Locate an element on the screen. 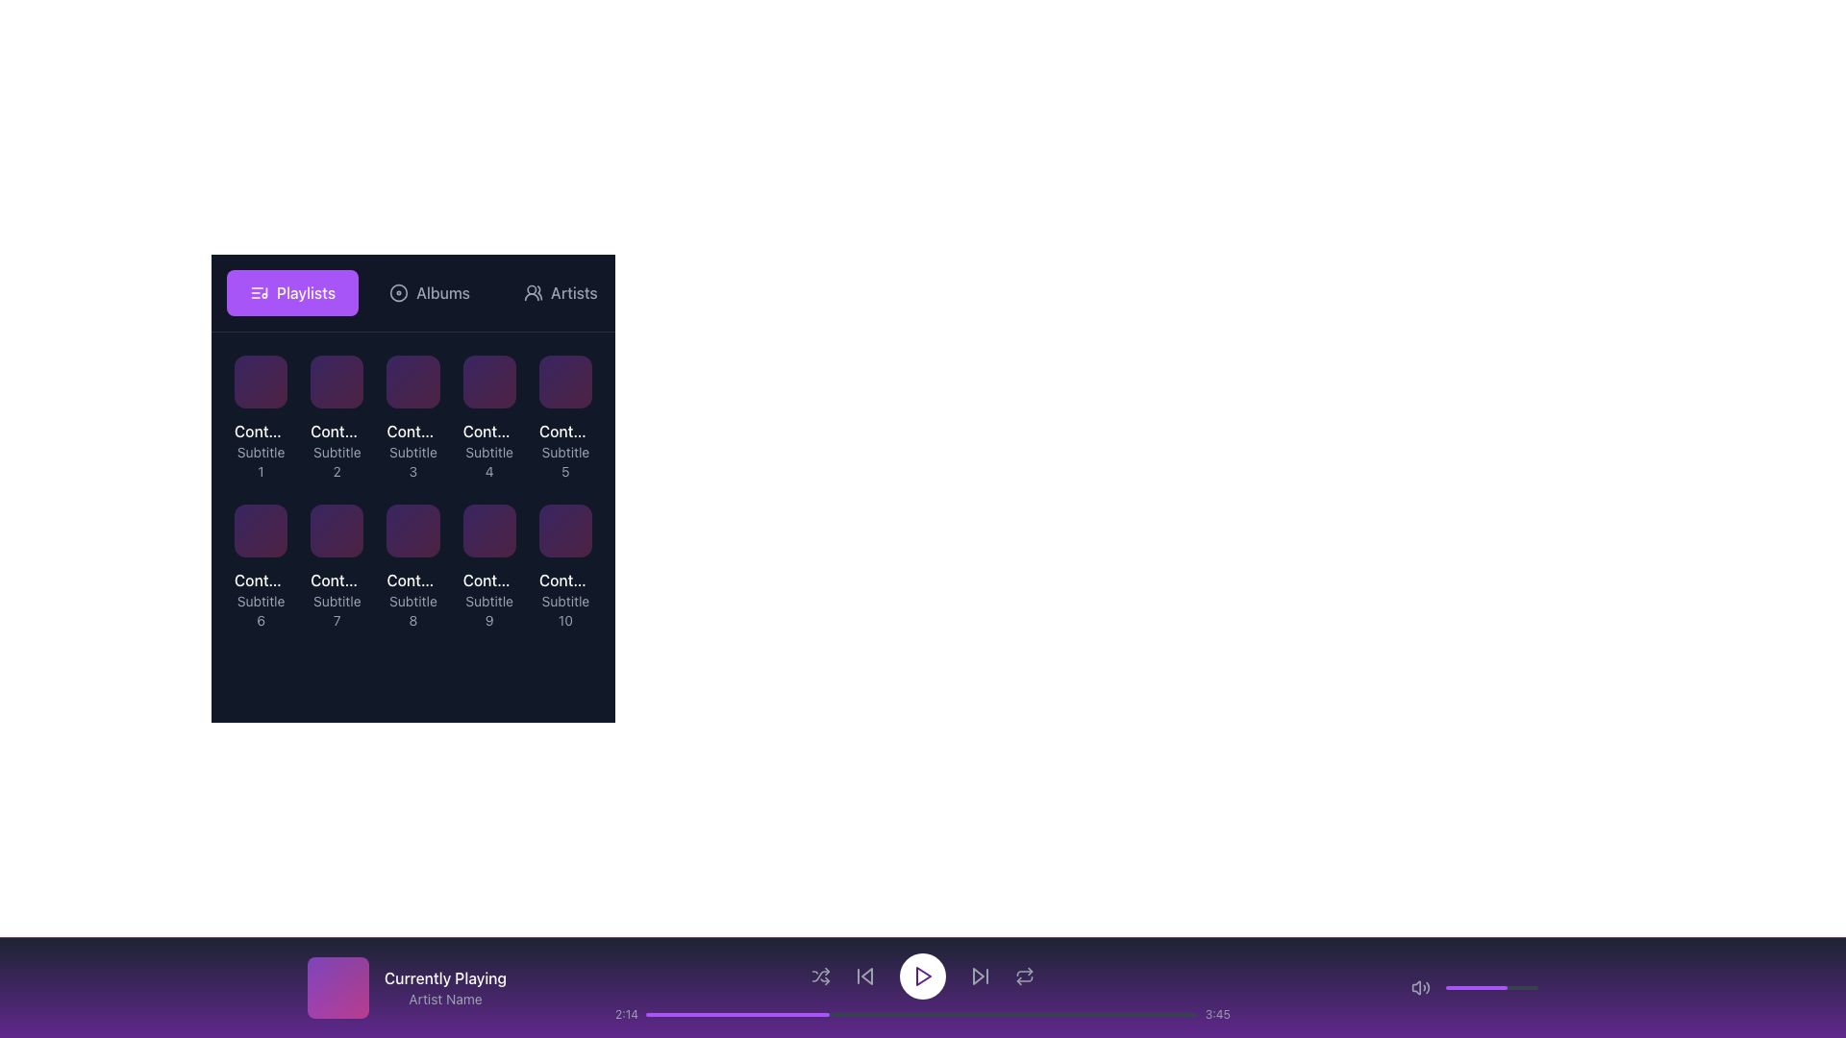  the progress bar located in the lower-right corner of the interface to adjust its value is located at coordinates (1490, 988).